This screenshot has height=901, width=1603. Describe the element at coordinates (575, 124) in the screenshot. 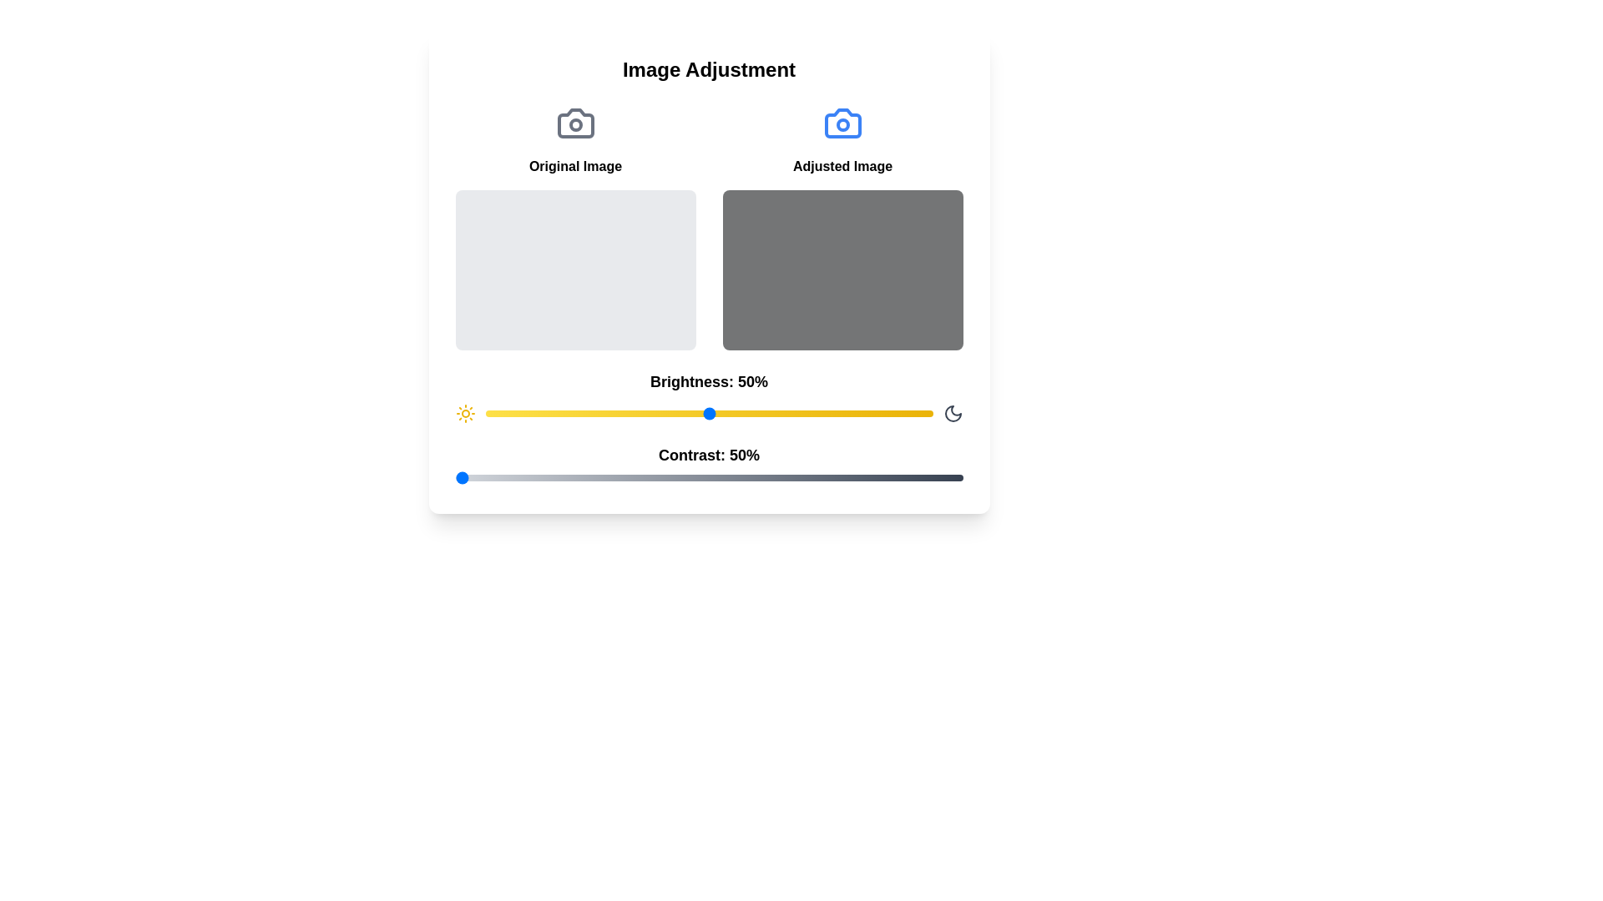

I see `the circular graphical component that represents the camera lens within the left camera icon in the 'Image Adjustment' interface` at that location.